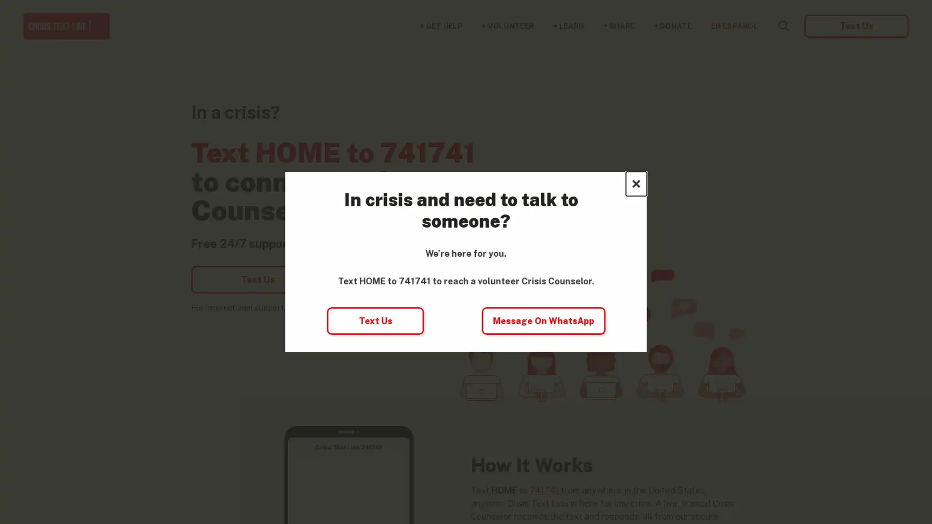  What do you see at coordinates (783, 26) in the screenshot?
I see `Search` at bounding box center [783, 26].